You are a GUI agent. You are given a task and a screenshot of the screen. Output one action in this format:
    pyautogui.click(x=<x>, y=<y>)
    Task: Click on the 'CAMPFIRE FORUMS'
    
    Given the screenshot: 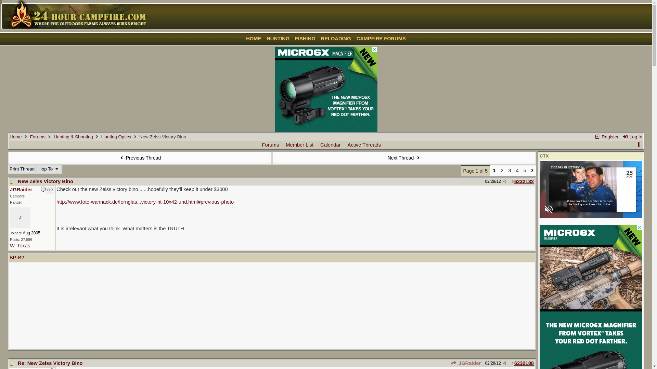 What is the action you would take?
    pyautogui.click(x=381, y=38)
    